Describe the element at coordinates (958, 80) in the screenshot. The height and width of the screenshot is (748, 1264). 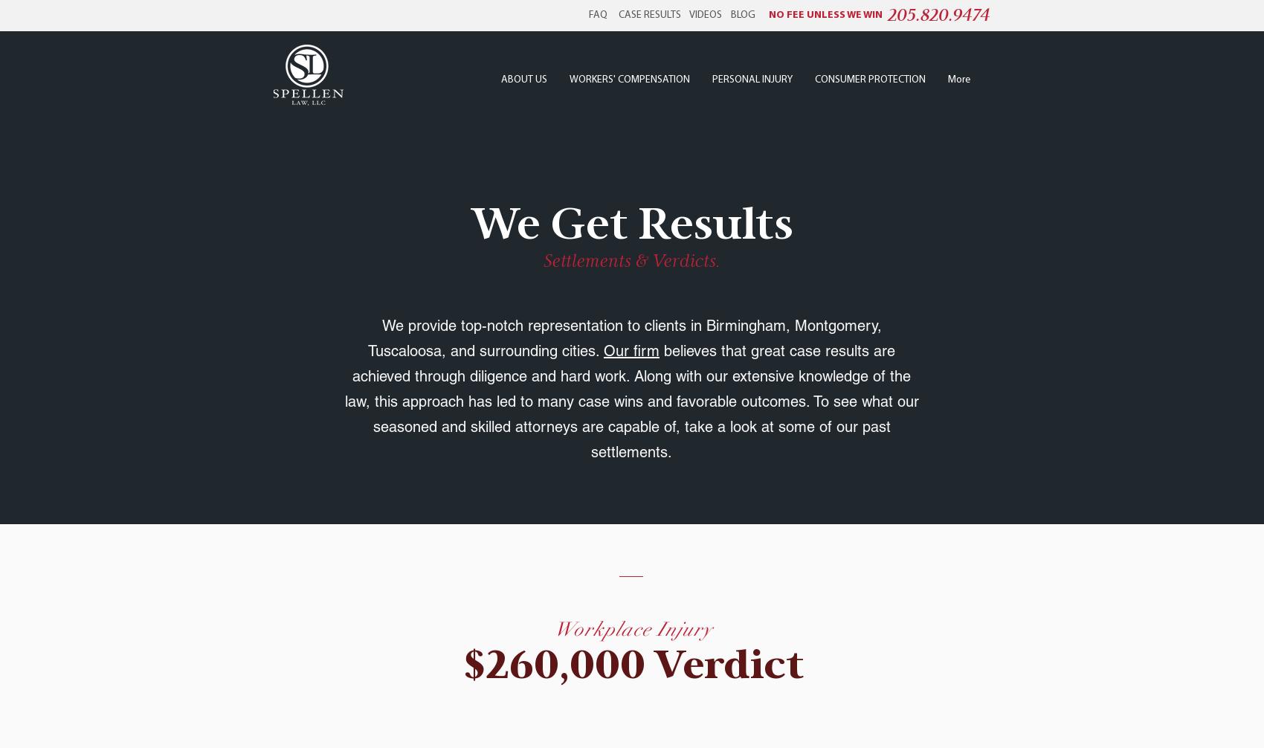
I see `'More'` at that location.